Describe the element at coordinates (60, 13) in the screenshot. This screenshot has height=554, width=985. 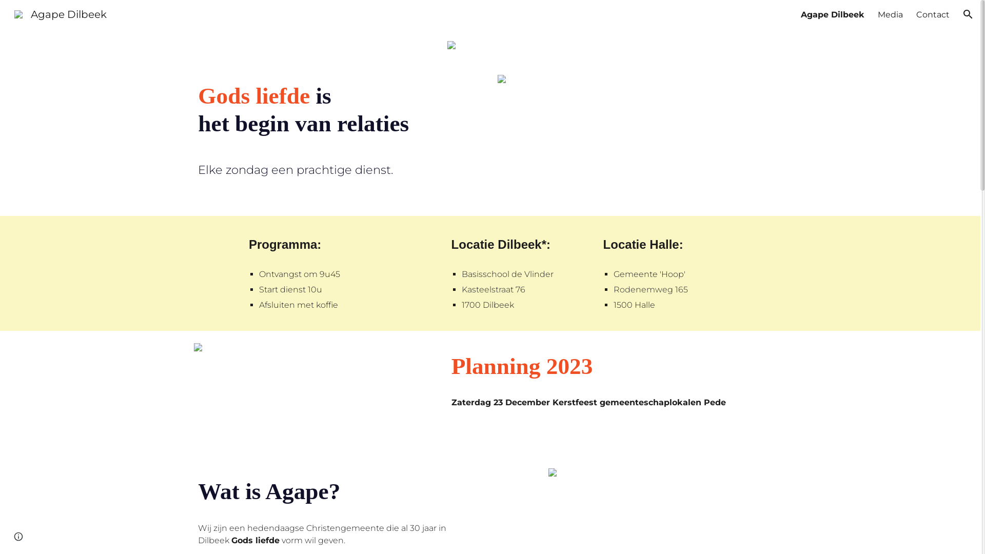
I see `'Agape Dilbeek'` at that location.